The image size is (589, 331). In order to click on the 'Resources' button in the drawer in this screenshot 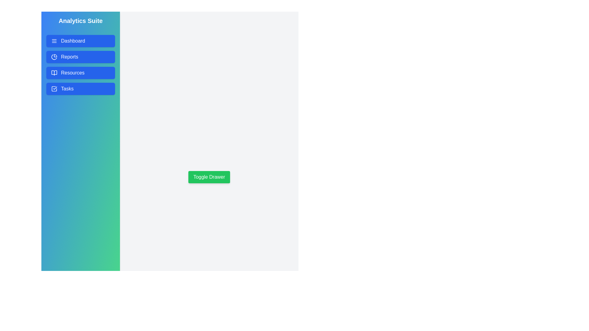, I will do `click(80, 73)`.